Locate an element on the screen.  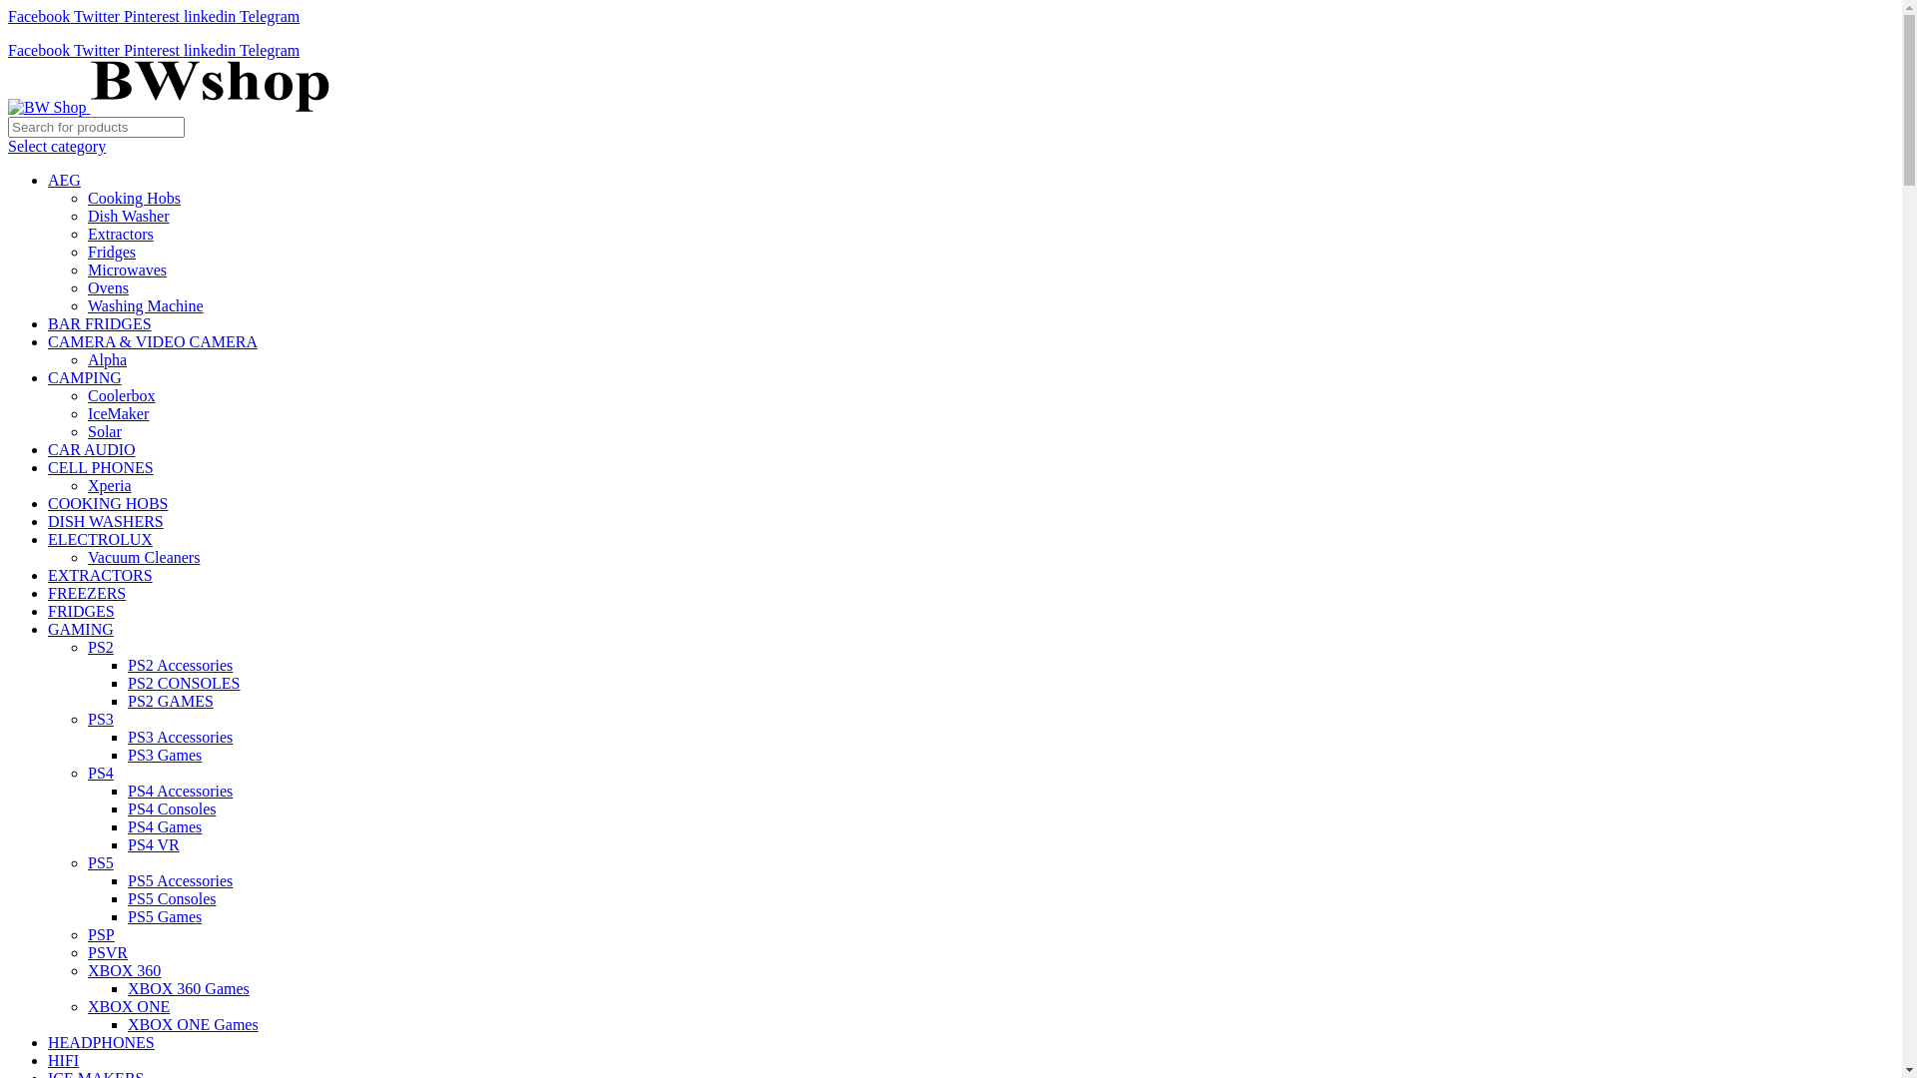
'FRIDGES' is located at coordinates (80, 610).